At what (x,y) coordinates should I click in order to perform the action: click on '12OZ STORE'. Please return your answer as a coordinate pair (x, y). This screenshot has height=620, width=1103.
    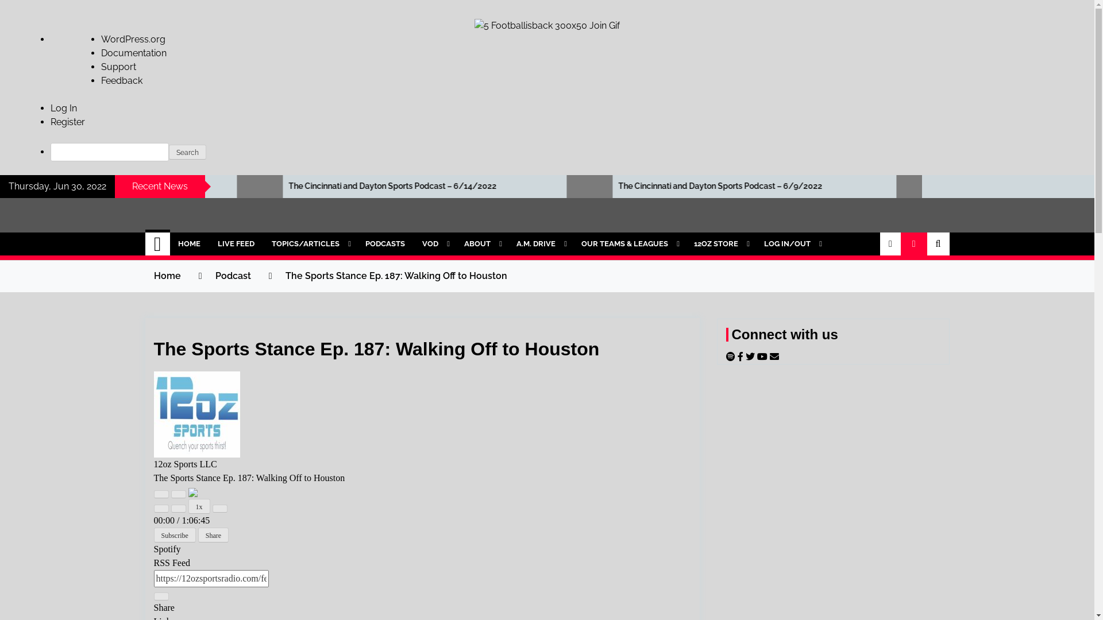
    Looking at the image, I should click on (719, 243).